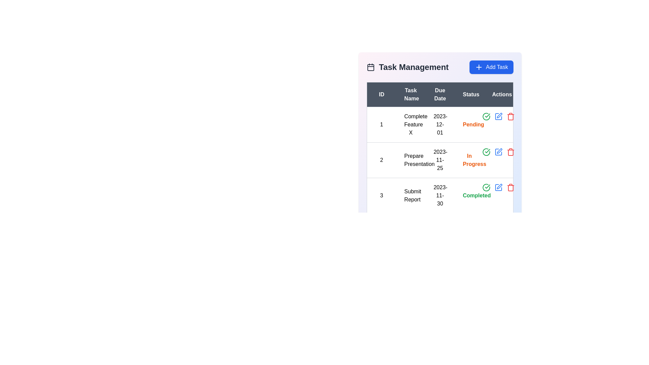 Image resolution: width=649 pixels, height=365 pixels. What do you see at coordinates (469, 160) in the screenshot?
I see `the static text label indicating the status of the 'Prepare Presentation' task for the date '2023-11-25'` at bounding box center [469, 160].